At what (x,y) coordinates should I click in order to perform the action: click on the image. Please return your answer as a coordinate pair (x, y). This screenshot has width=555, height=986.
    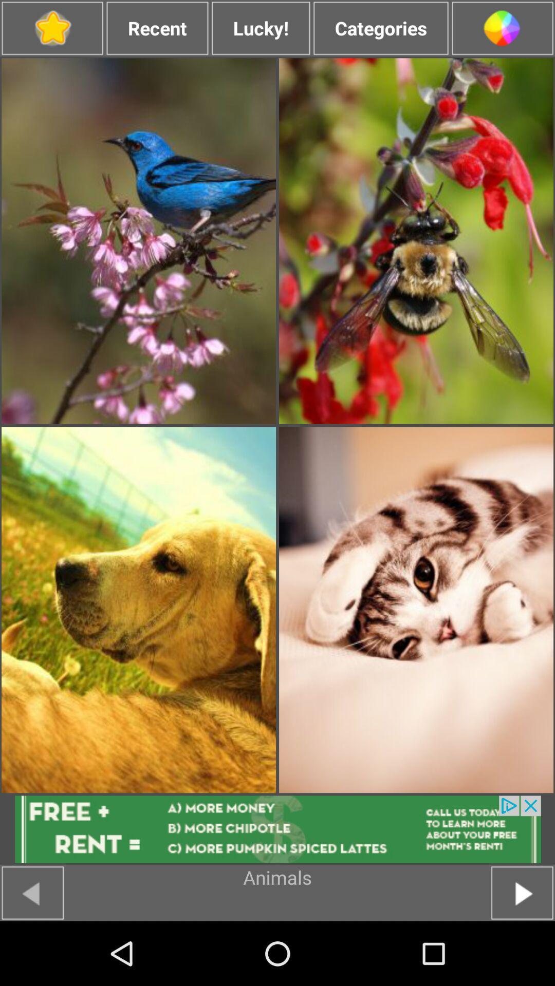
    Looking at the image, I should click on (416, 240).